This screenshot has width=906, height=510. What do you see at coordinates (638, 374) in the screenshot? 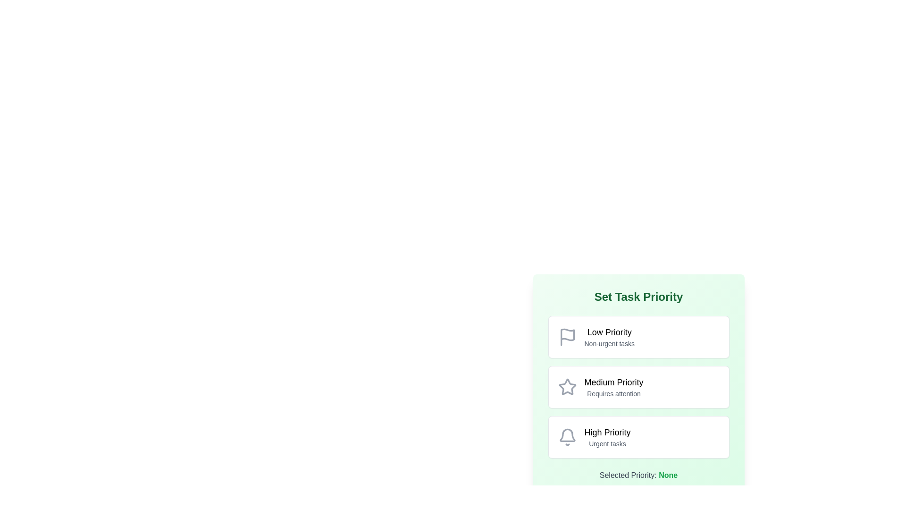
I see `the medium priority task selectable list item` at bounding box center [638, 374].